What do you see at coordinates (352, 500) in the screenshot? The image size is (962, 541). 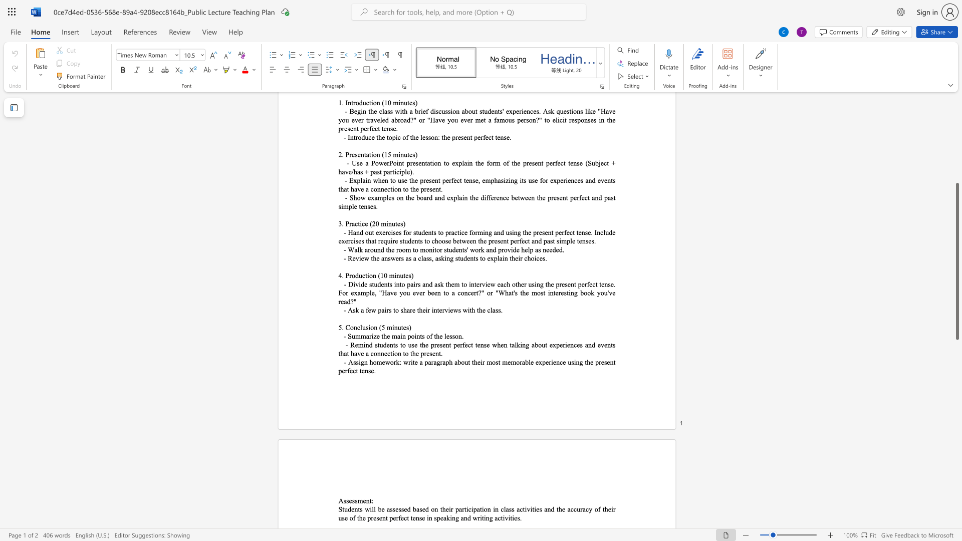 I see `the space between the continuous character "e" and "s" in the text` at bounding box center [352, 500].